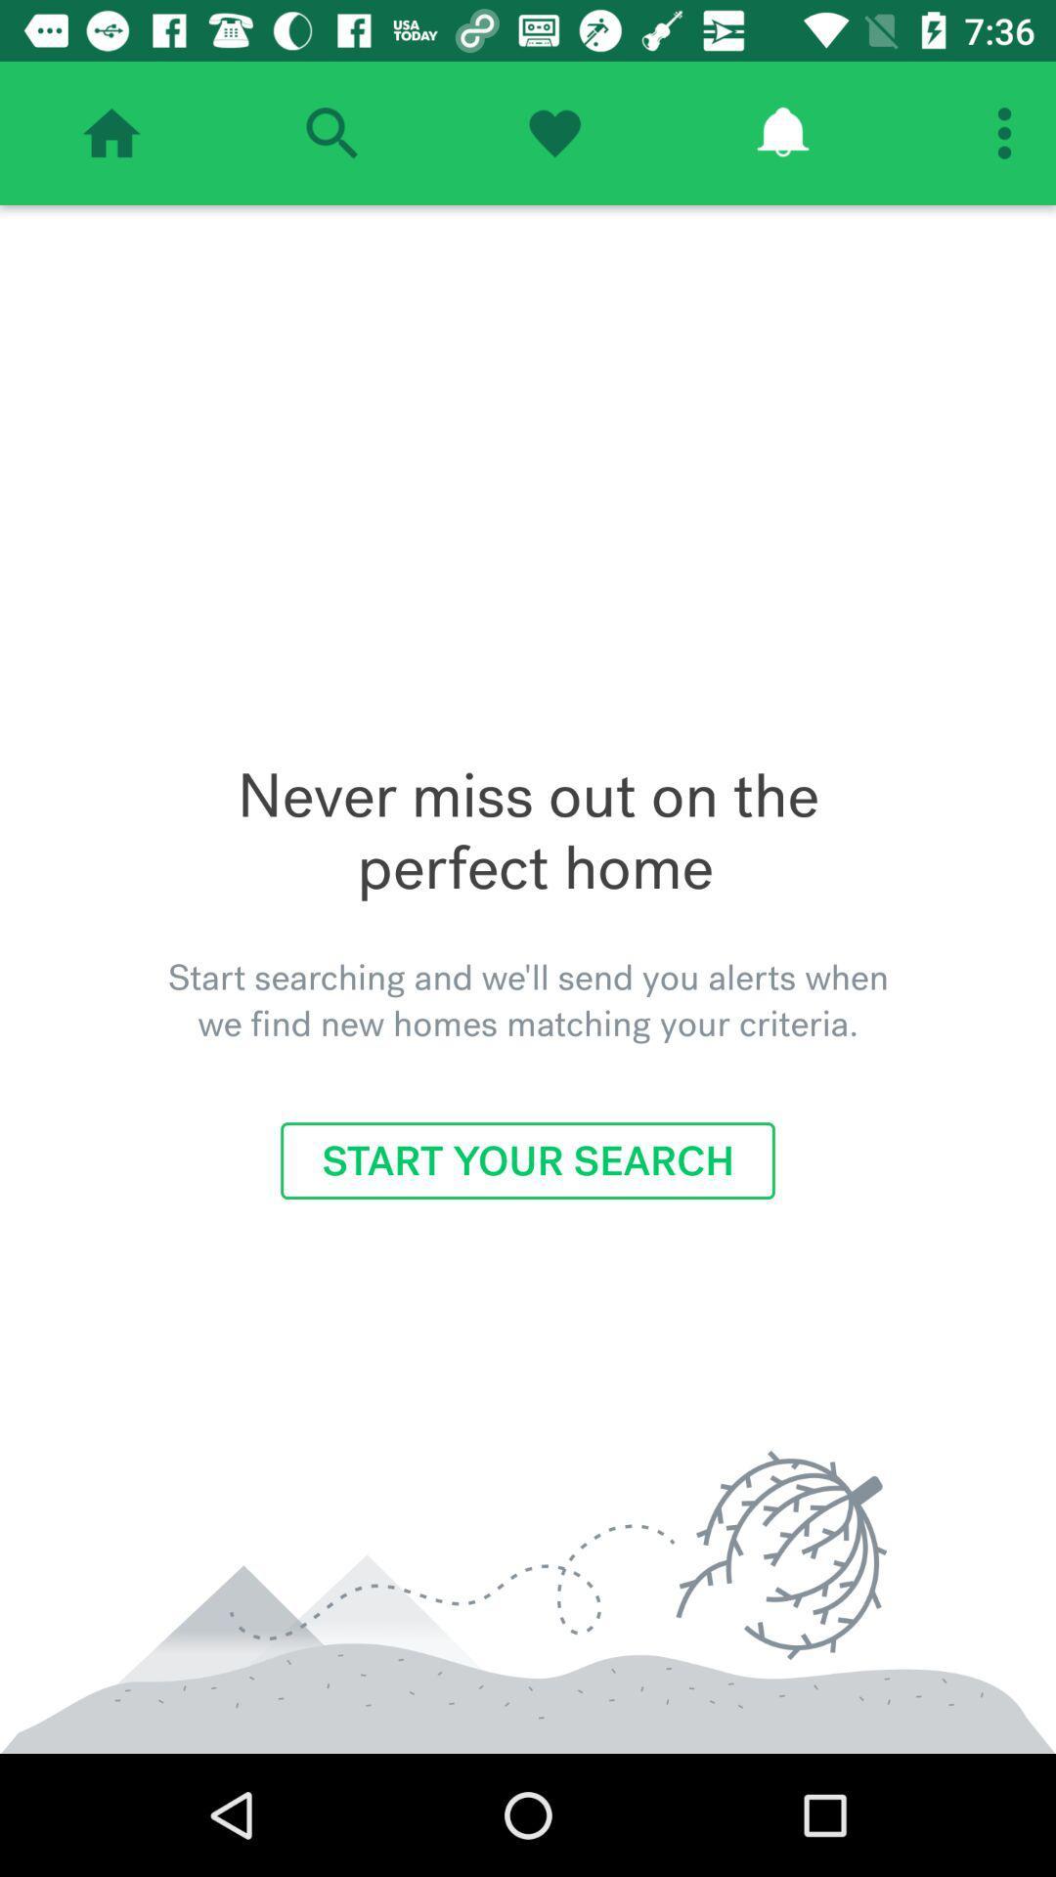 The height and width of the screenshot is (1877, 1056). What do you see at coordinates (330, 132) in the screenshot?
I see `search` at bounding box center [330, 132].